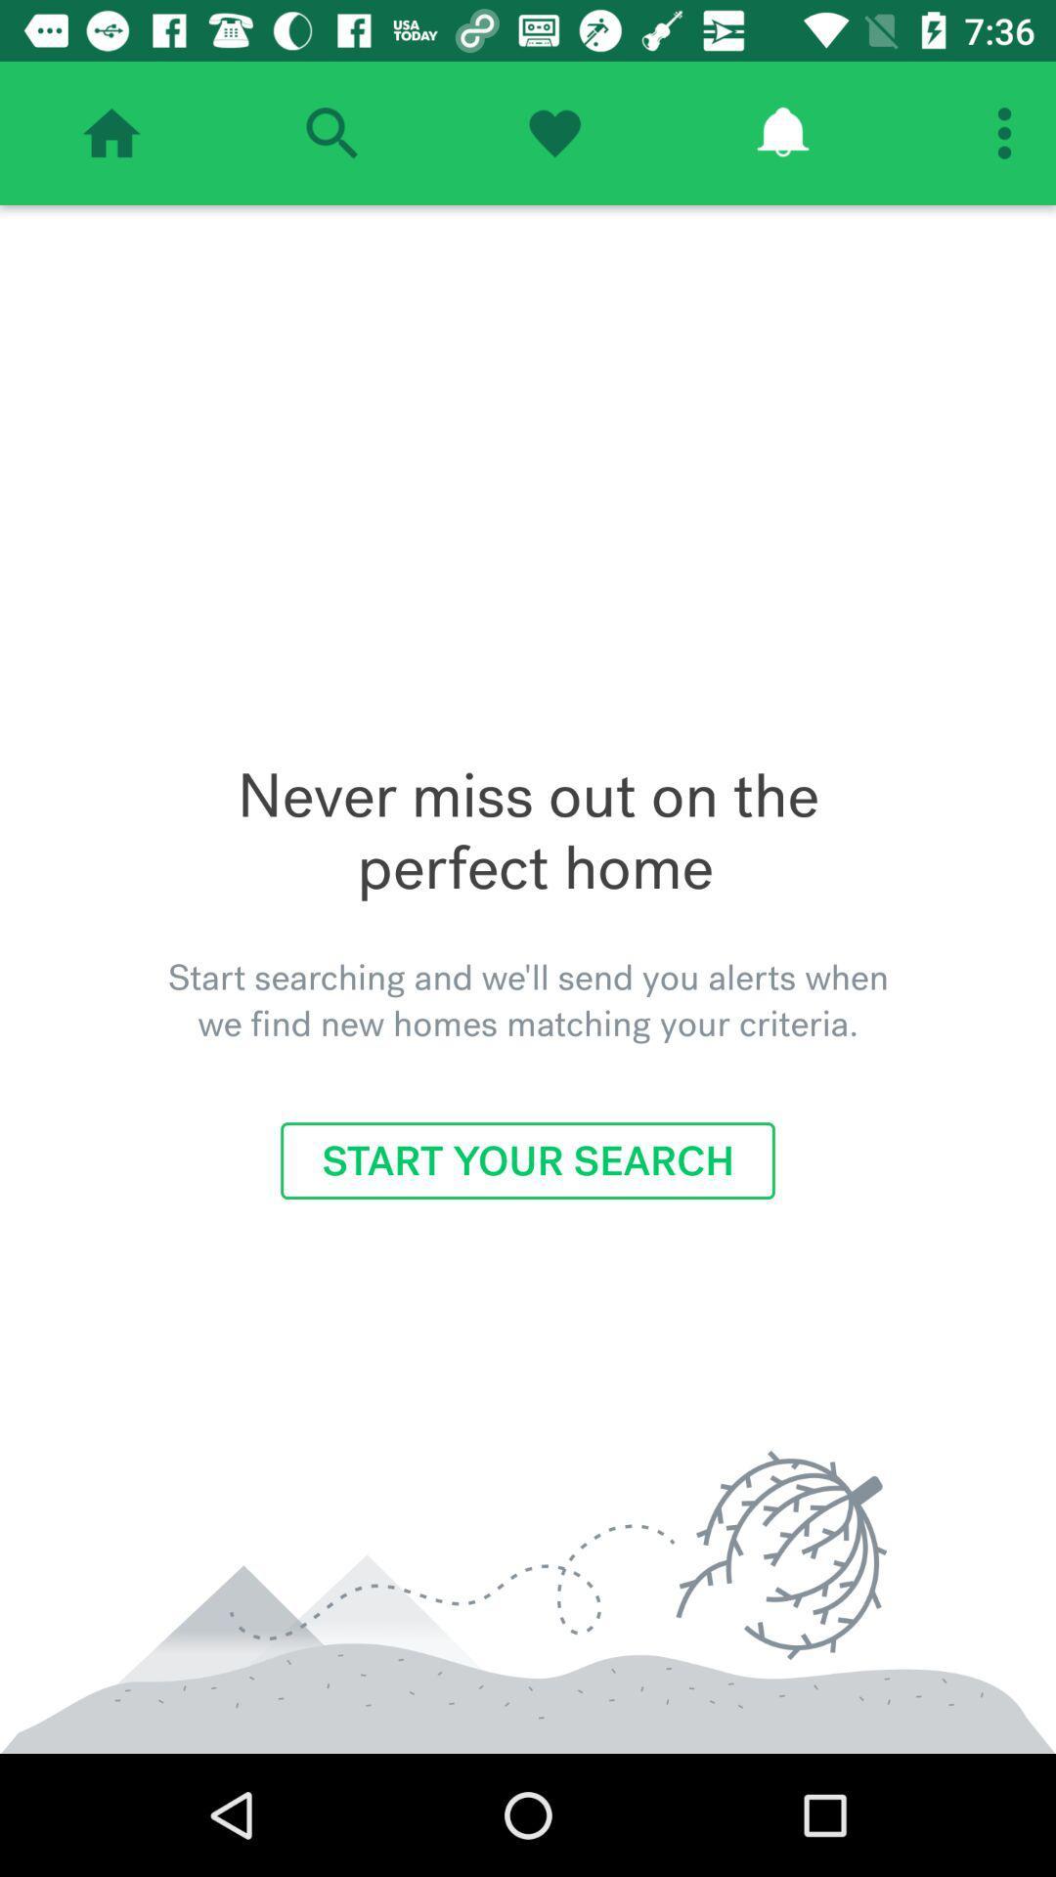 The height and width of the screenshot is (1877, 1056). What do you see at coordinates (330, 132) in the screenshot?
I see `search` at bounding box center [330, 132].